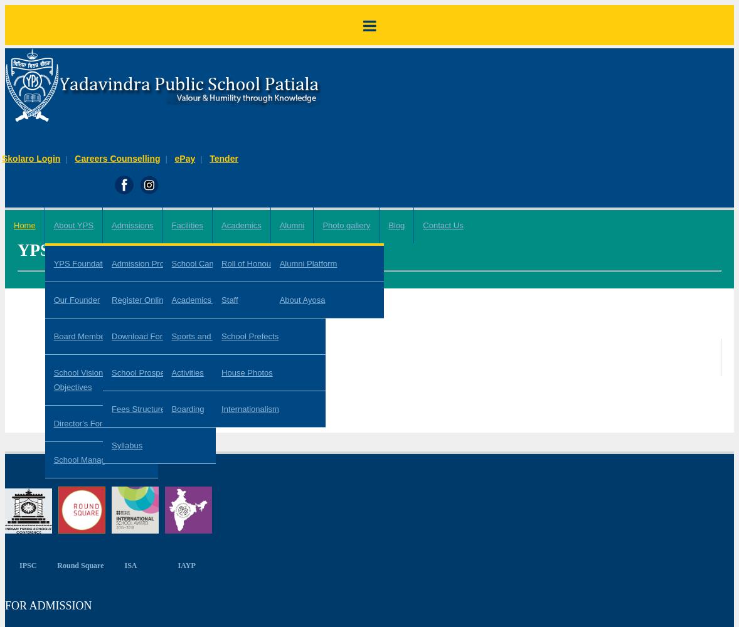 The image size is (739, 627). I want to click on 'Round Square', so click(80, 565).